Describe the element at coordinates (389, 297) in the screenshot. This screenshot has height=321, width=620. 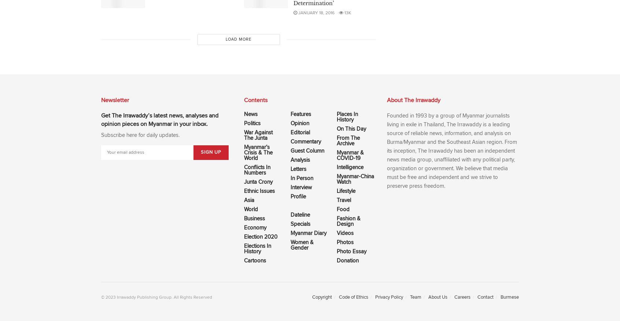
I see `'Privacy Policy'` at that location.